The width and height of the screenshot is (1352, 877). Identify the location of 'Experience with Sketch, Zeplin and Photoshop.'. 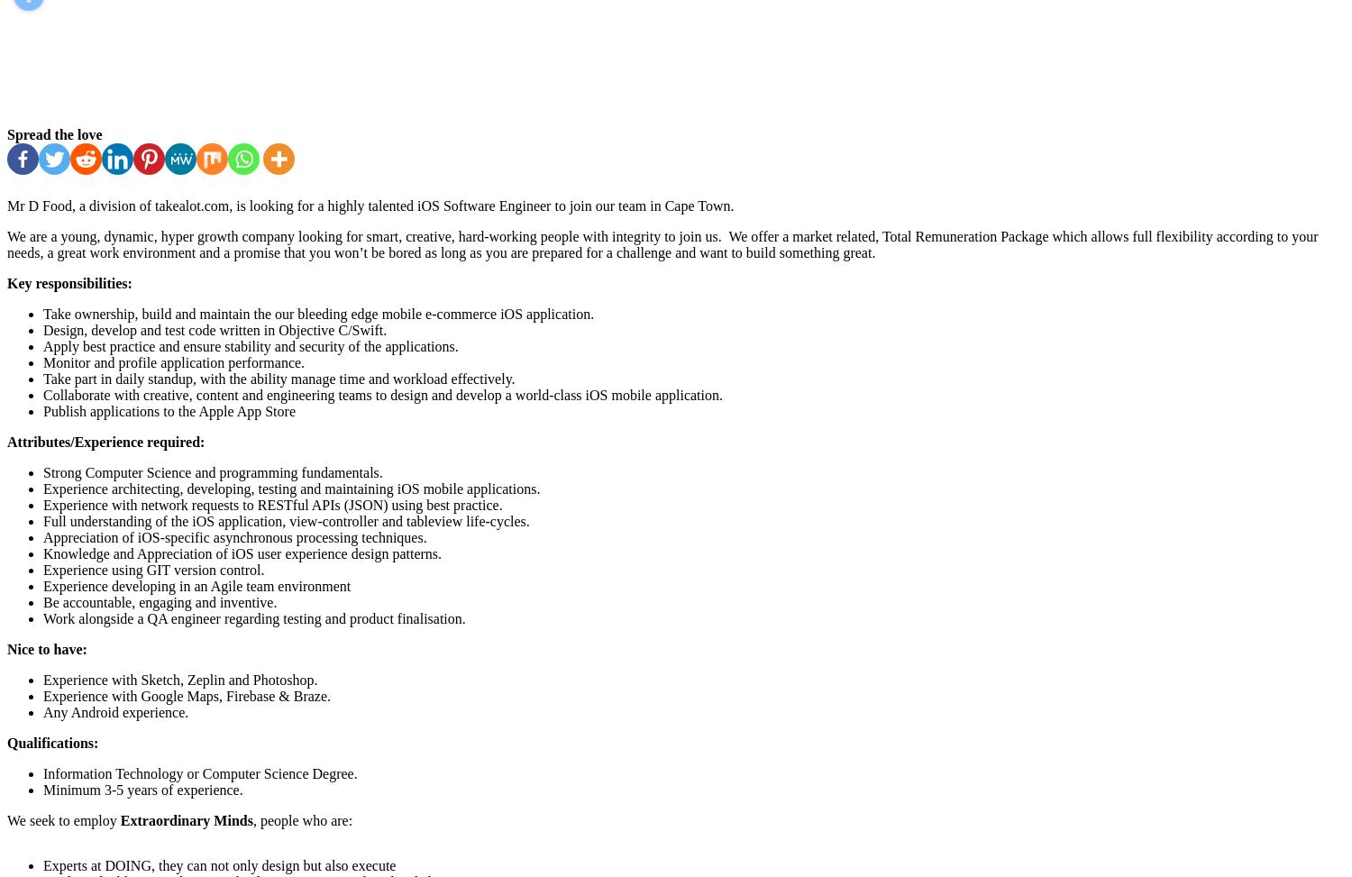
(178, 680).